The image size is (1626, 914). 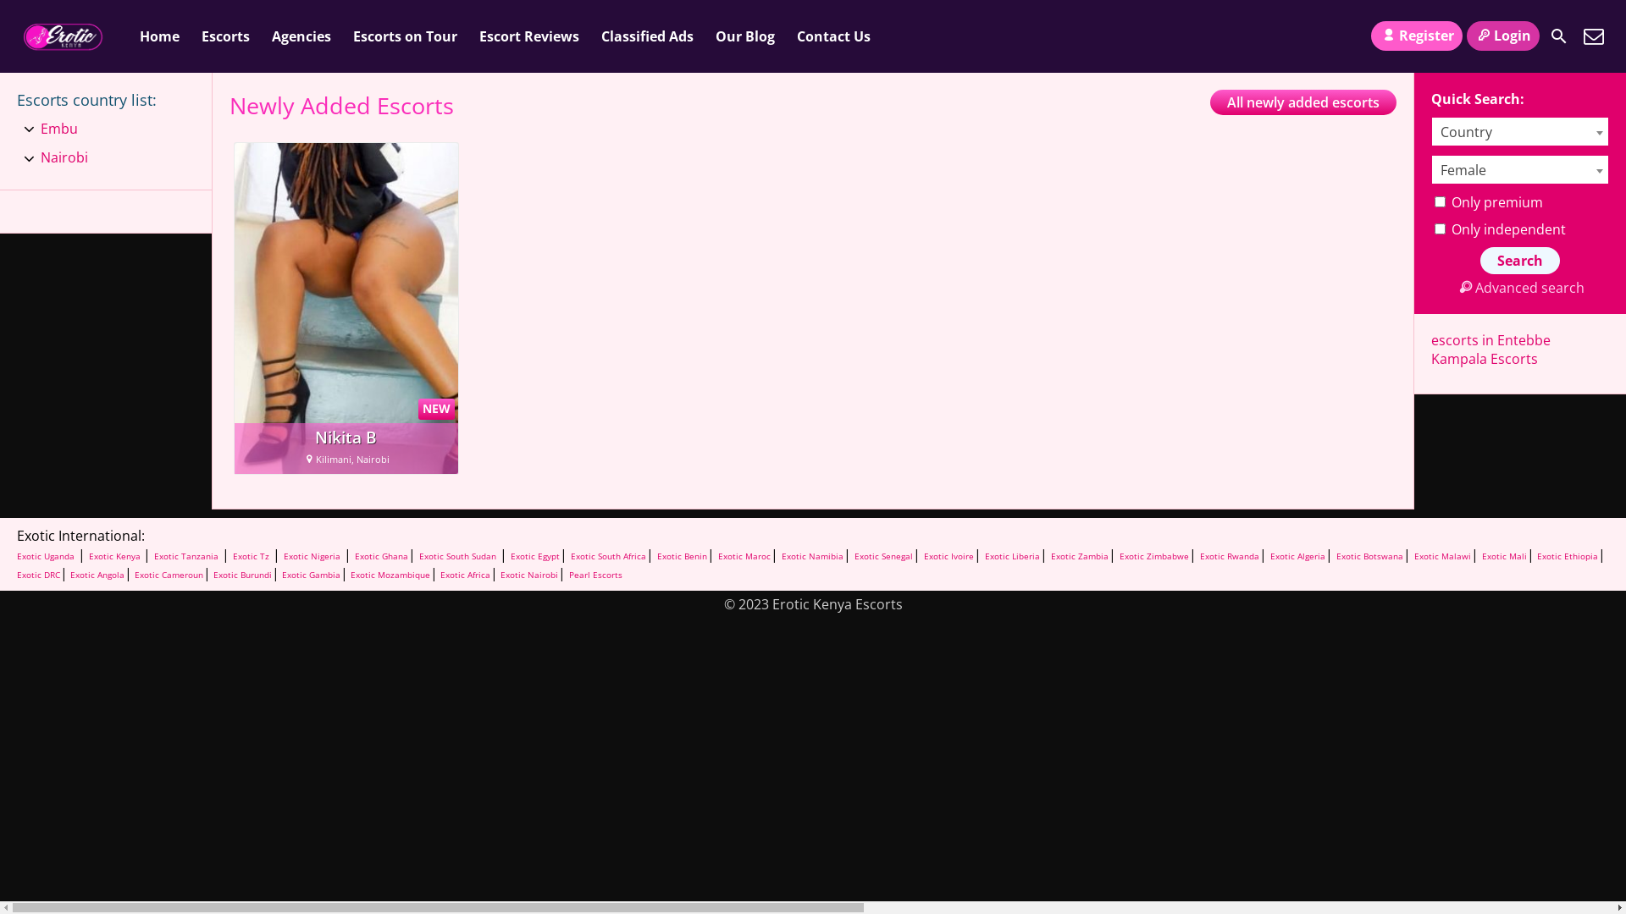 What do you see at coordinates (167, 573) in the screenshot?
I see `'Exotic Cameroun'` at bounding box center [167, 573].